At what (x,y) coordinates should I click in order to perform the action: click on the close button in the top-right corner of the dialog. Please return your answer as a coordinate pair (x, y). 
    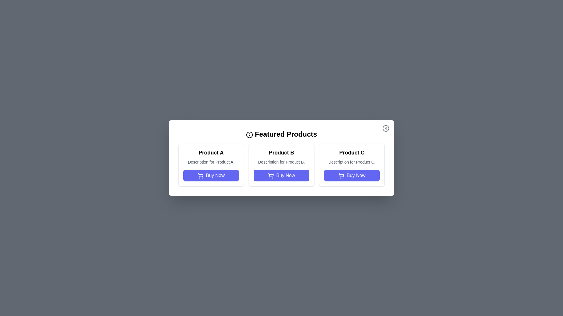
    Looking at the image, I should click on (386, 128).